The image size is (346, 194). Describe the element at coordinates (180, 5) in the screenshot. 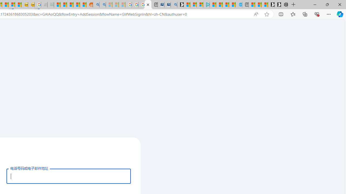

I see `'Microsoft Start Gaming'` at that location.